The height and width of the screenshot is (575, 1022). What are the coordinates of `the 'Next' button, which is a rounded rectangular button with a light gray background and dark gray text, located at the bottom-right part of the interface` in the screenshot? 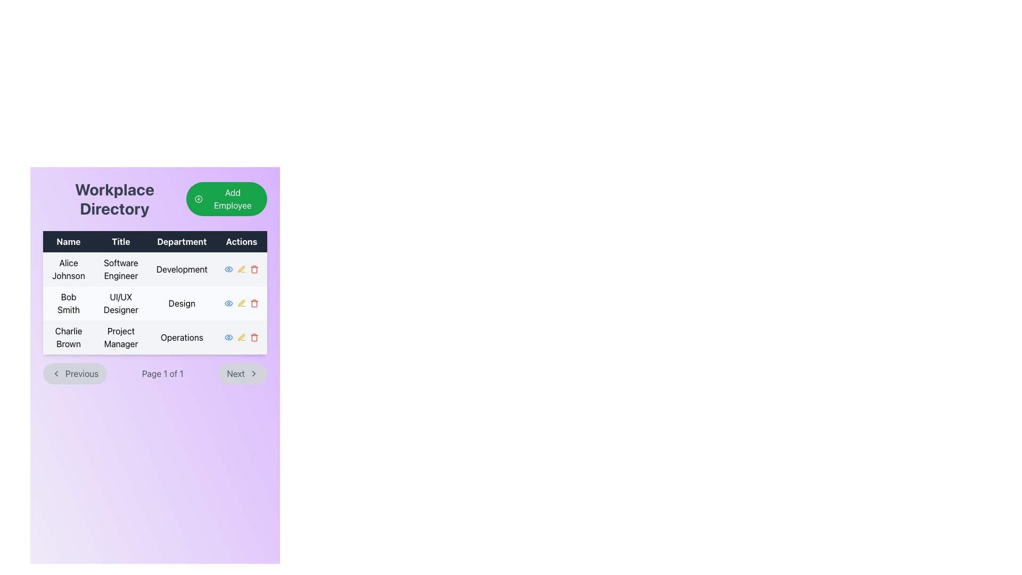 It's located at (242, 373).